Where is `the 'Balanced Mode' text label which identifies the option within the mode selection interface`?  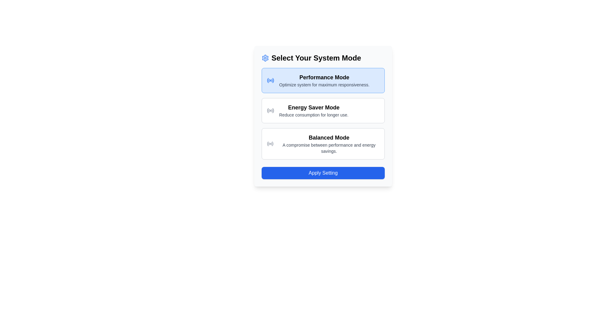
the 'Balanced Mode' text label which identifies the option within the mode selection interface is located at coordinates (329, 137).